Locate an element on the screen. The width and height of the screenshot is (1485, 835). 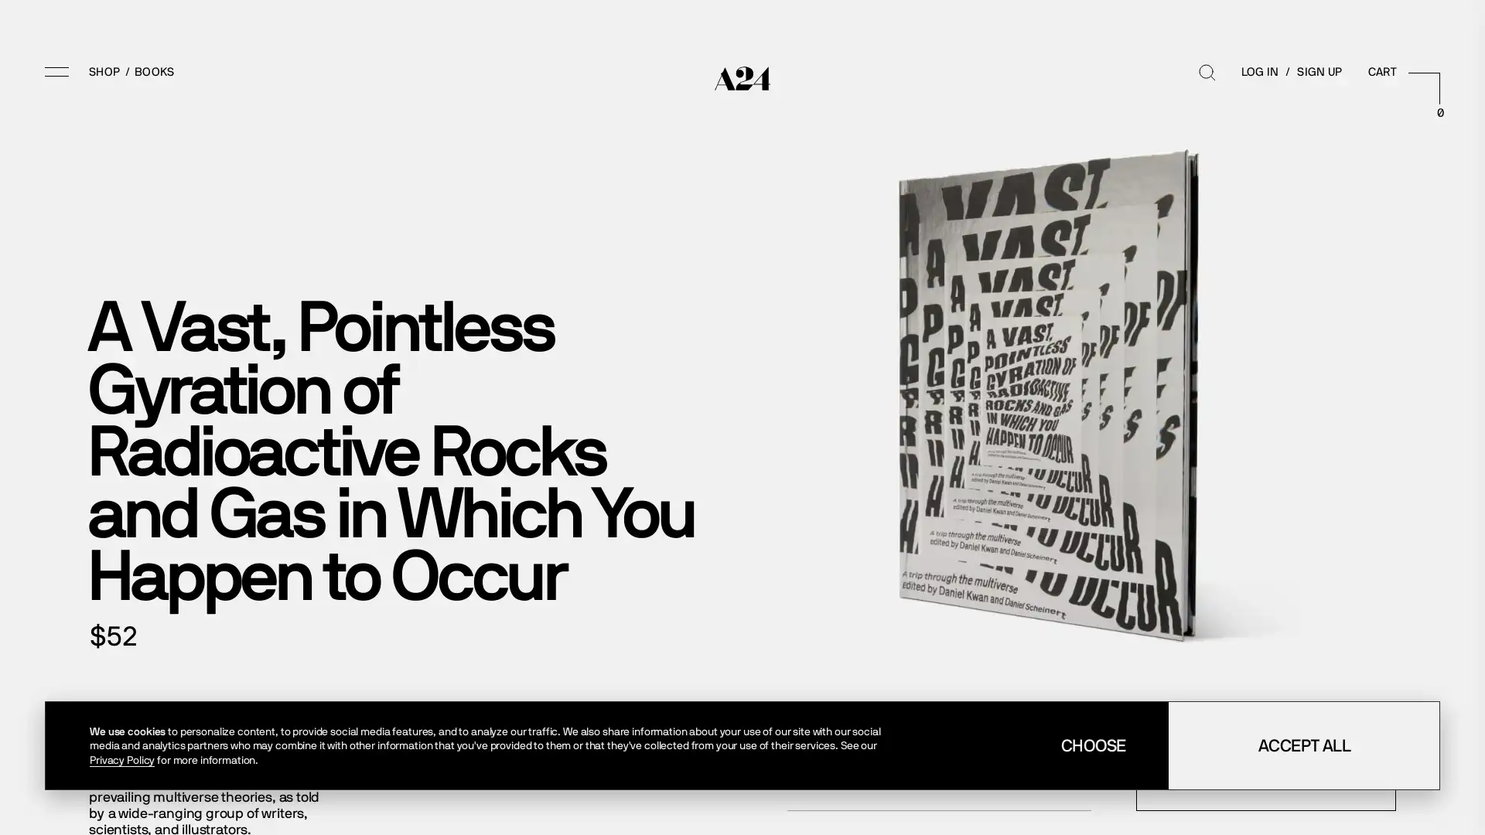
ACCEPT ALL is located at coordinates (1302, 745).